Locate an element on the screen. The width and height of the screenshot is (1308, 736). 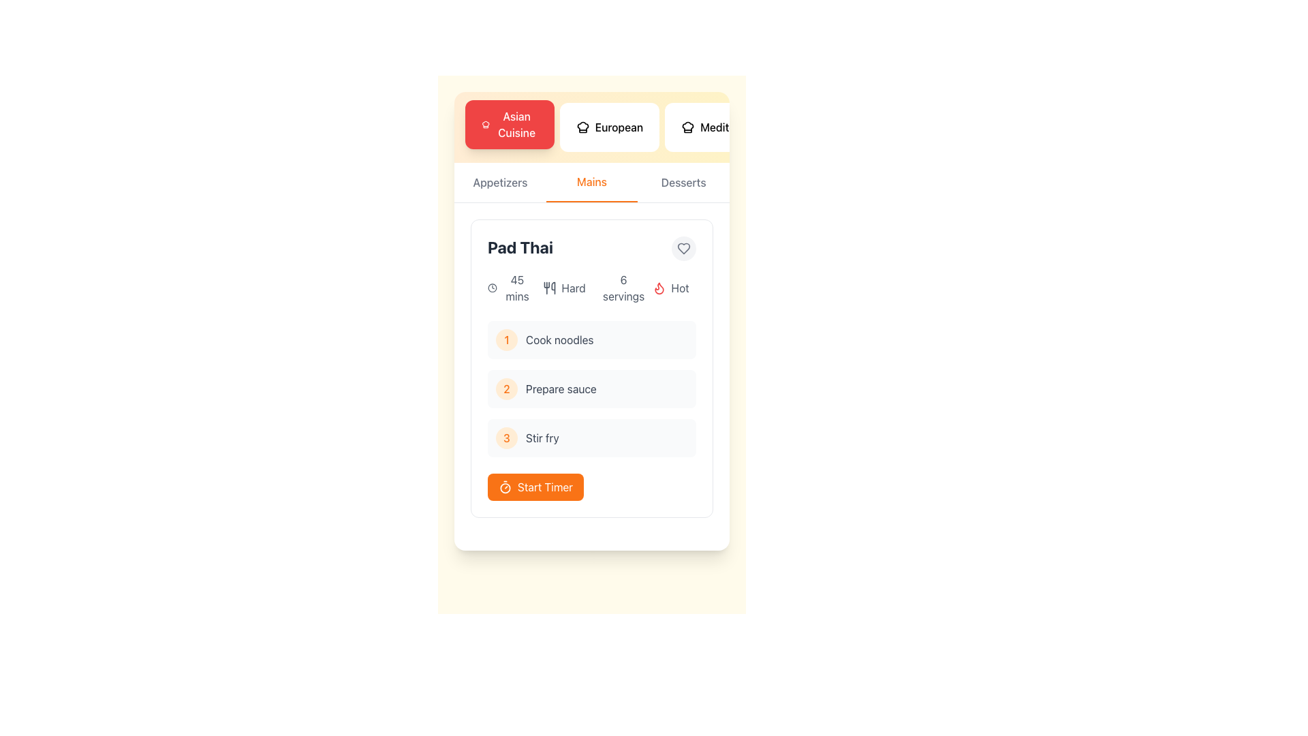
steps from the vertically structured list located below the 'Pad Thai' header and above the 'Start Timer' button is located at coordinates (591, 388).